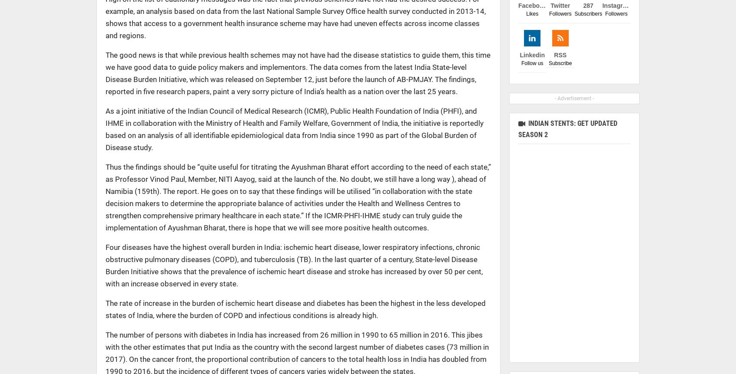 This screenshot has height=374, width=736. Describe the element at coordinates (560, 54) in the screenshot. I see `'RSS'` at that location.